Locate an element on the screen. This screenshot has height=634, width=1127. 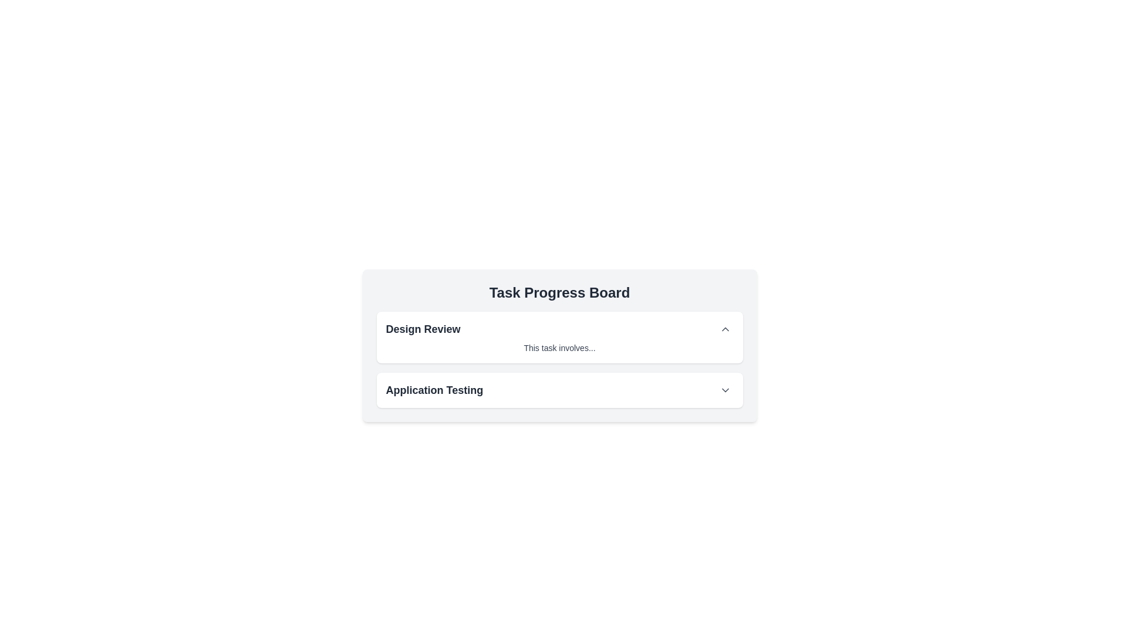
the collapsible/expandable icon located at the right end of the 'Application Testing' section header is located at coordinates (724, 390).